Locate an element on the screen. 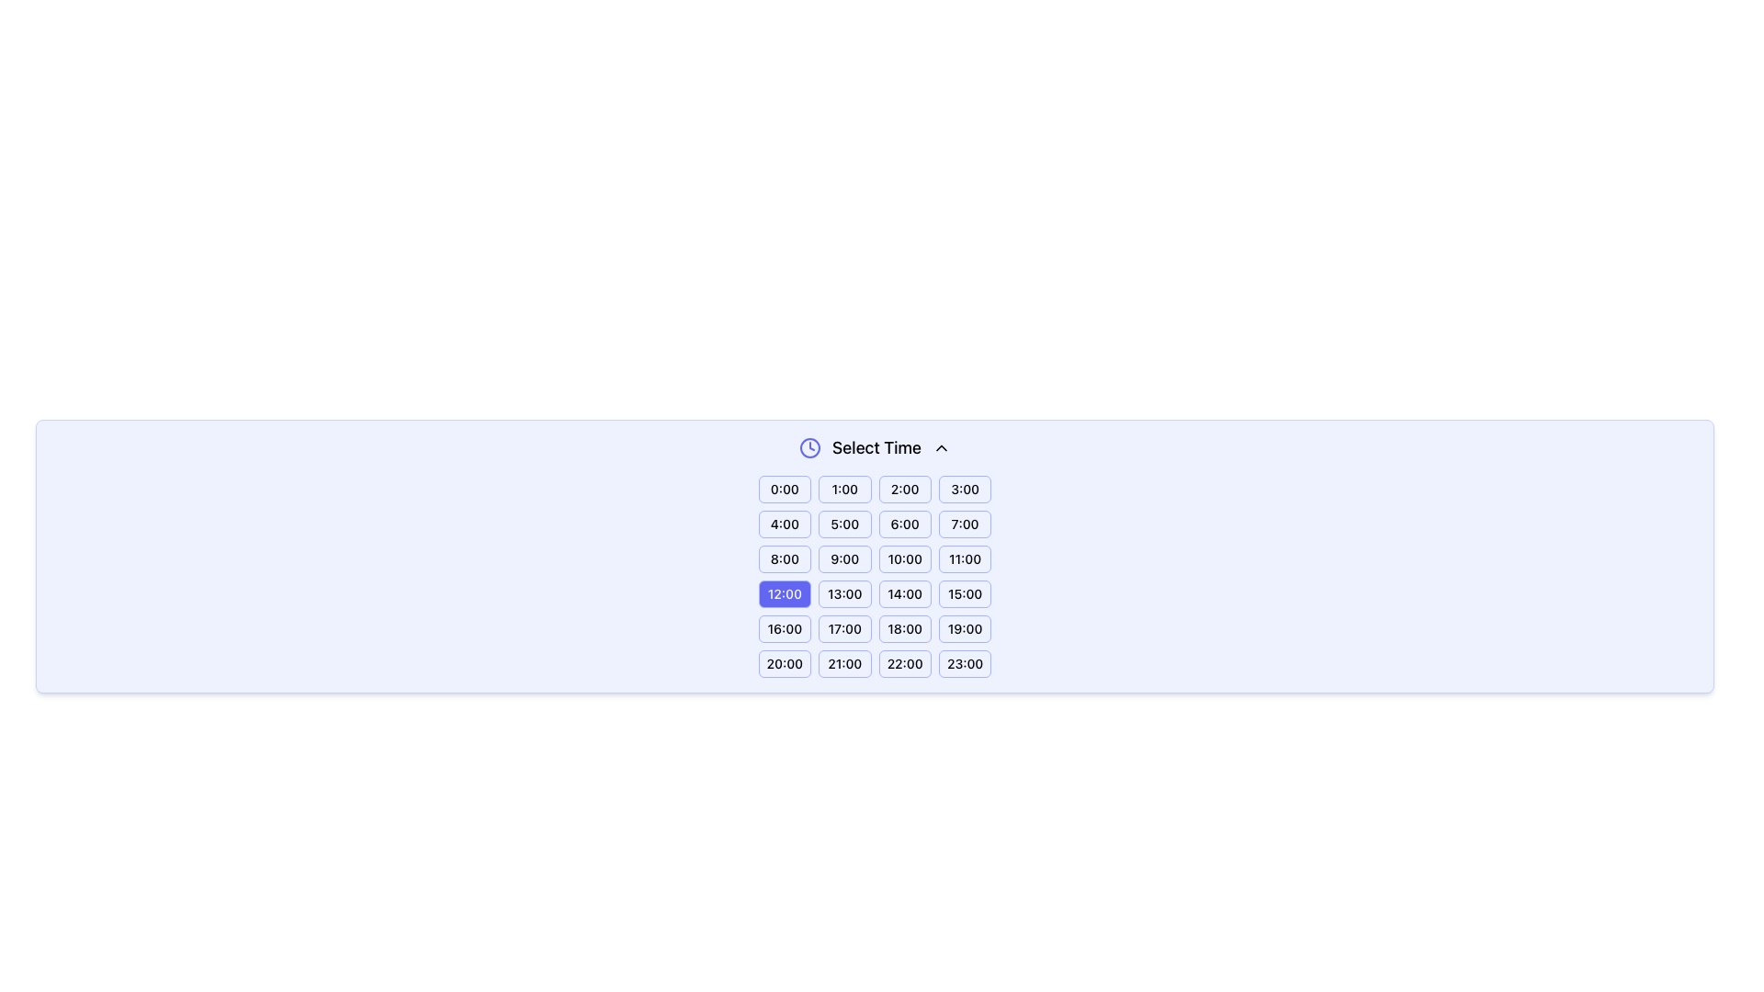 This screenshot has width=1764, height=992. the downward chevron icon adjacent to the 'Select Time' text is located at coordinates (941, 448).